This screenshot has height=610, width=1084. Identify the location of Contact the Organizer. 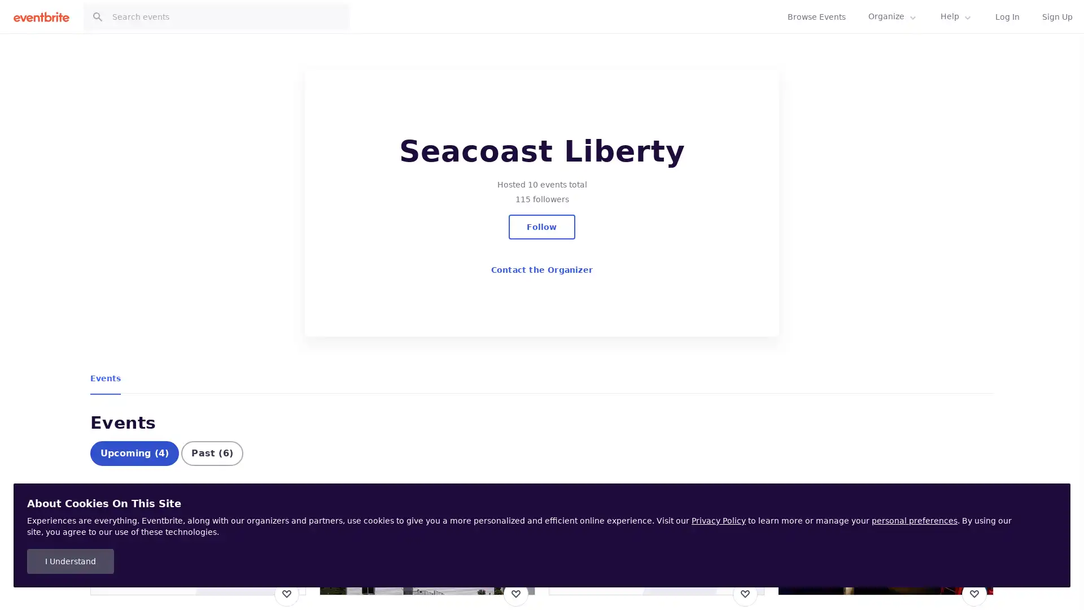
(541, 270).